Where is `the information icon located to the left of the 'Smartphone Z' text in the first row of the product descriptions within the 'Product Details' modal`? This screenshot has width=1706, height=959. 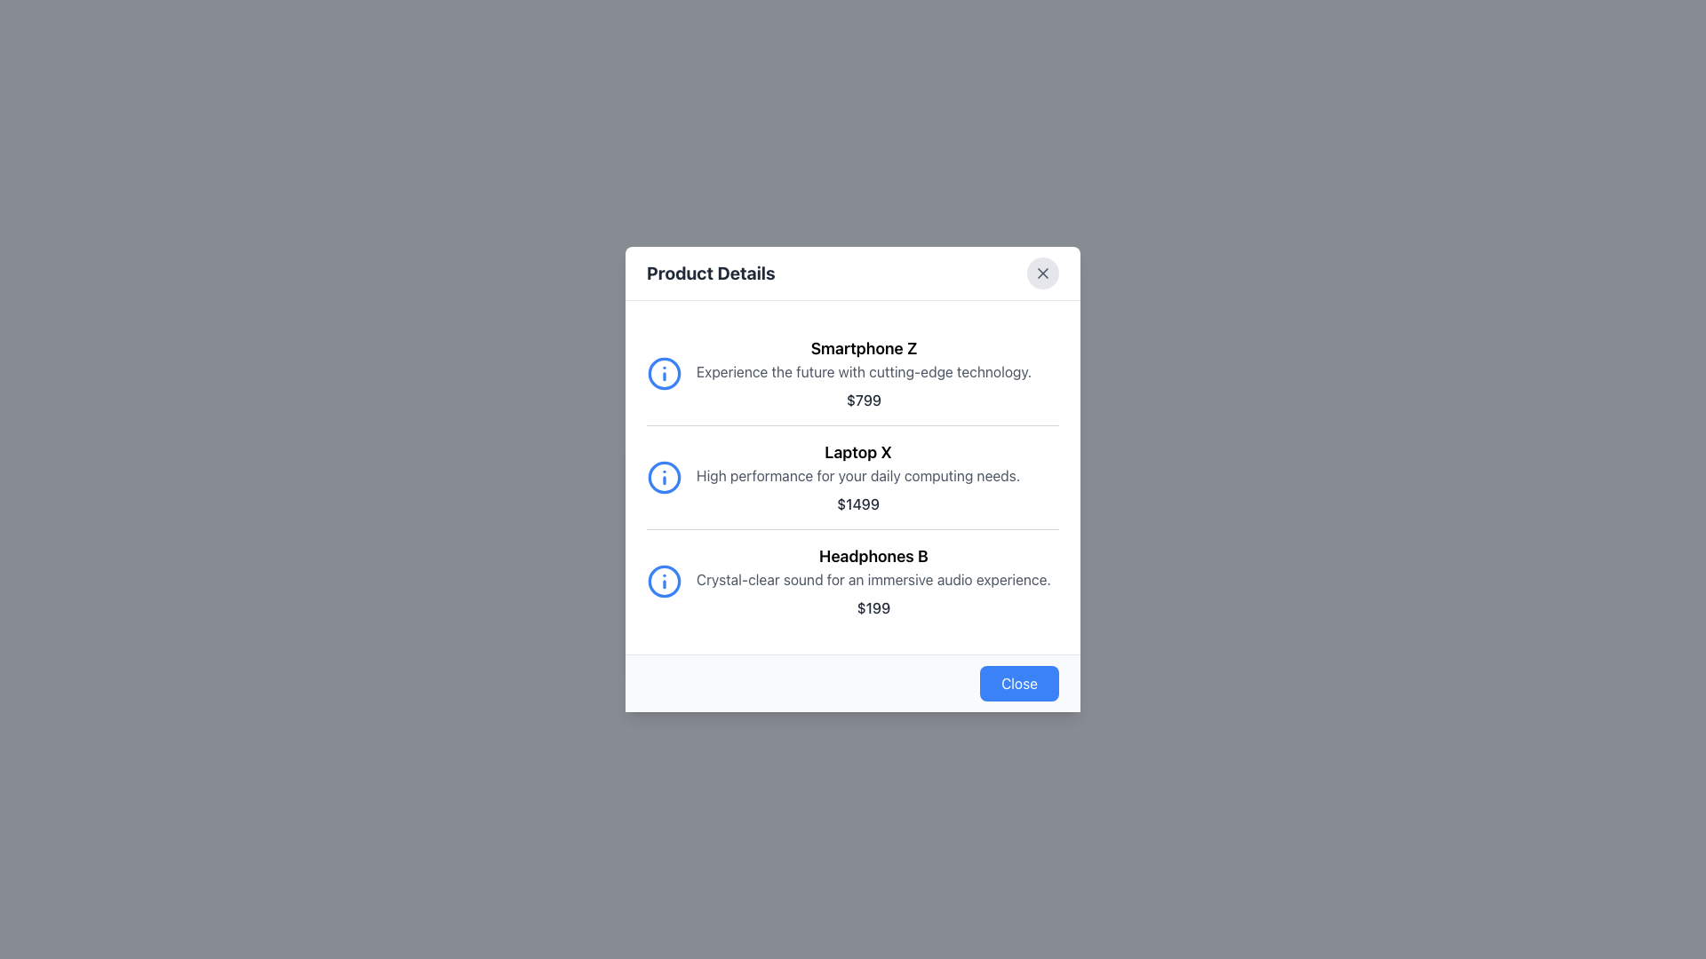 the information icon located to the left of the 'Smartphone Z' text in the first row of the product descriptions within the 'Product Details' modal is located at coordinates (664, 372).